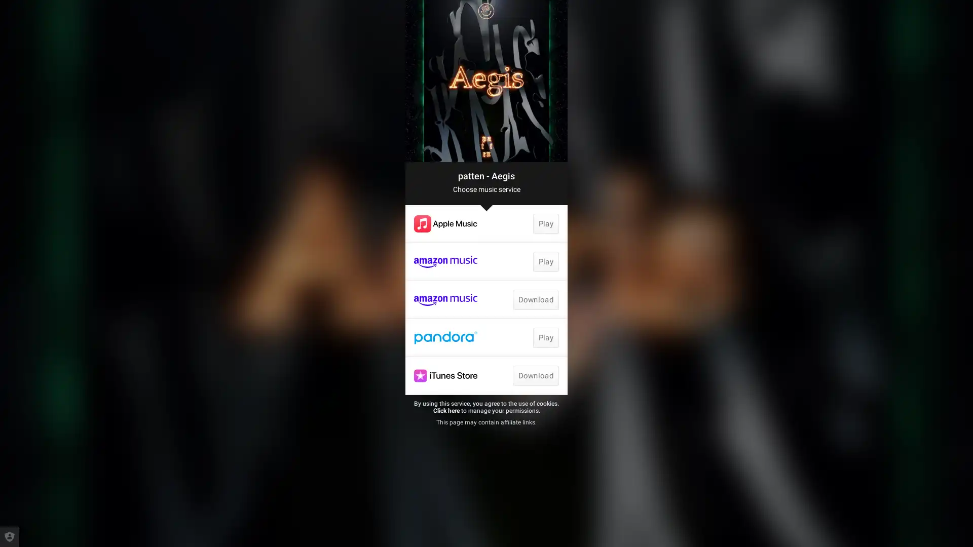 The height and width of the screenshot is (547, 973). I want to click on Play, so click(545, 223).